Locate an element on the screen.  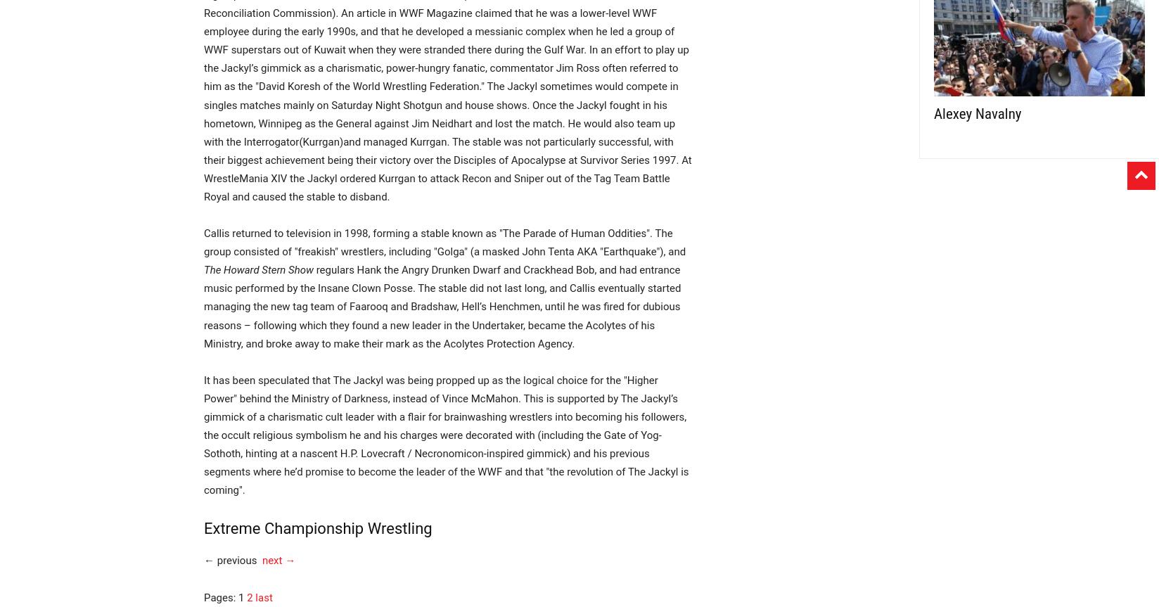
'regulars Hank the Angry Drunken Dwarf and Crackhead Bob, and had entrance music performed by the Insane Clown Posse. The stable did not last long, and Callis eventually started managing the new tag team of Faarooq and Bradshaw, Hell’s Henchmen, until he was fired for dubious reasons – following which they found a new leader in the Undertaker, became the Acolytes of his Ministry, and broke away to make their mark as the Acolytes Protection Agency.' is located at coordinates (442, 305).